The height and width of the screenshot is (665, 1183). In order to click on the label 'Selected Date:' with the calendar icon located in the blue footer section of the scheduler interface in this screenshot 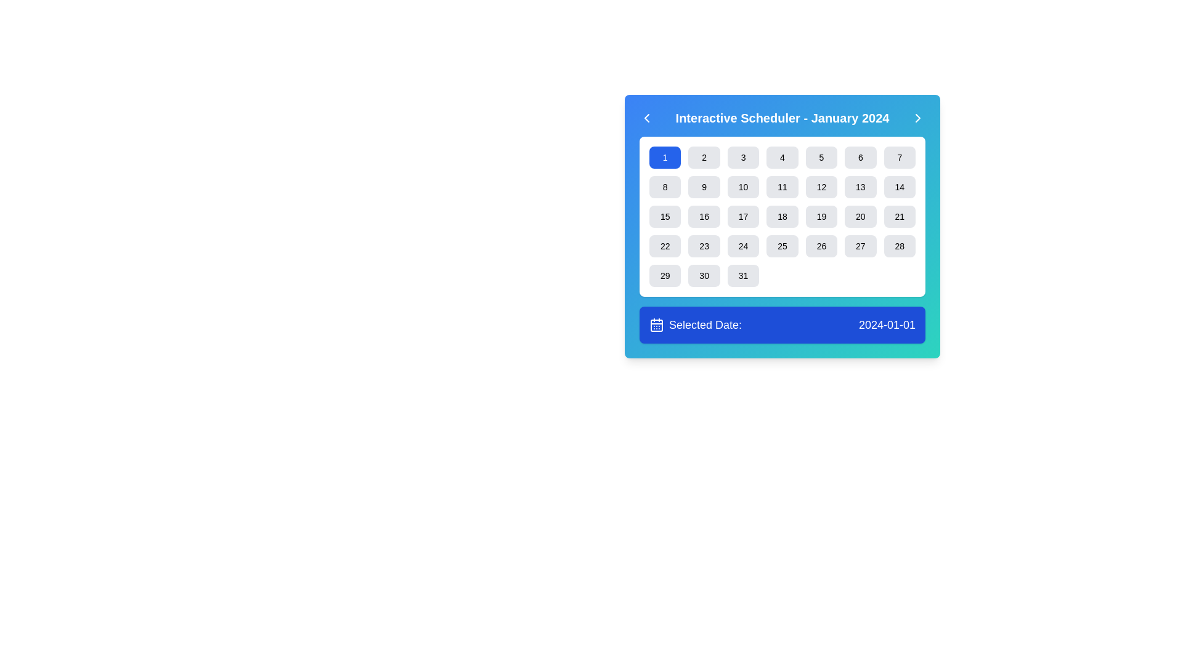, I will do `click(695, 324)`.